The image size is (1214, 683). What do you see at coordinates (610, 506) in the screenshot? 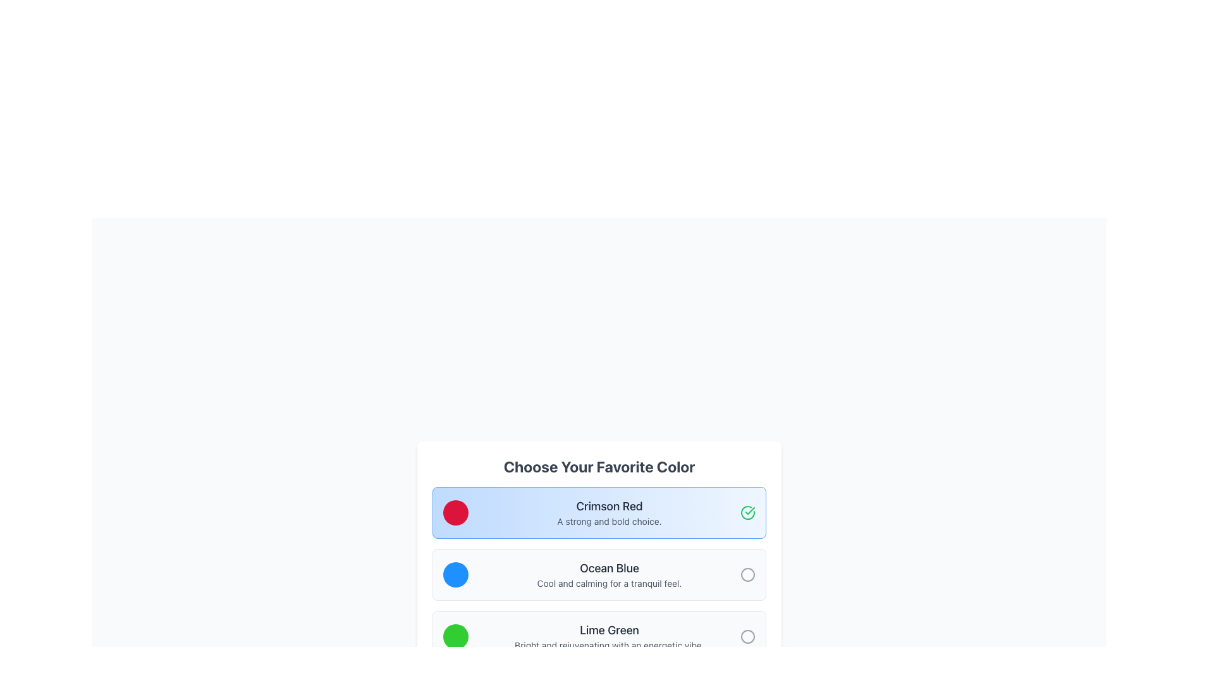
I see `the text label displaying 'Crimson Red'` at bounding box center [610, 506].